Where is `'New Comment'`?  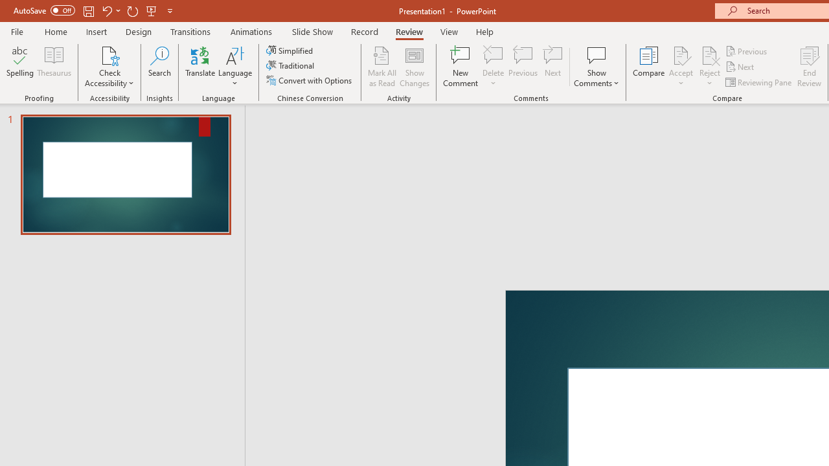 'New Comment' is located at coordinates (460, 67).